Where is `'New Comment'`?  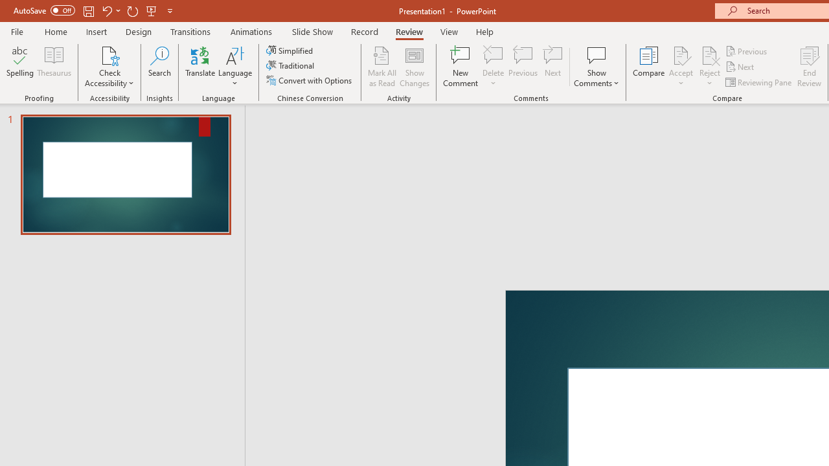 'New Comment' is located at coordinates (460, 67).